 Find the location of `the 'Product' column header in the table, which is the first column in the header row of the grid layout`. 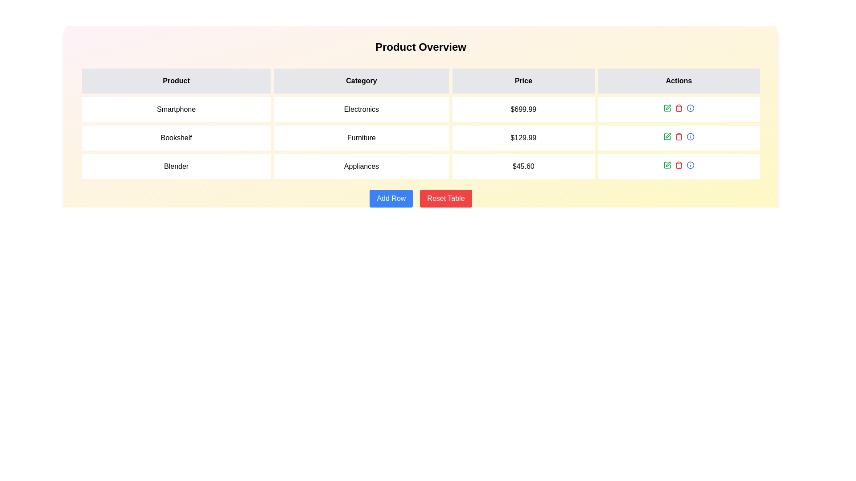

the 'Product' column header in the table, which is the first column in the header row of the grid layout is located at coordinates (176, 81).